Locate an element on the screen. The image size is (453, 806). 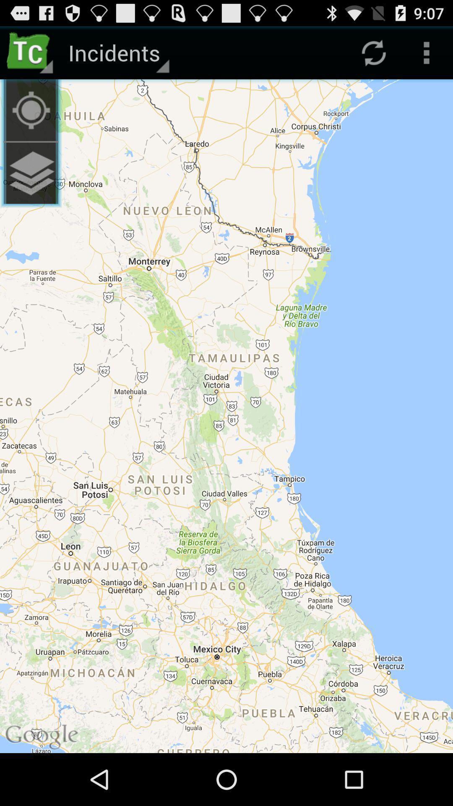
incidents item is located at coordinates (117, 52).